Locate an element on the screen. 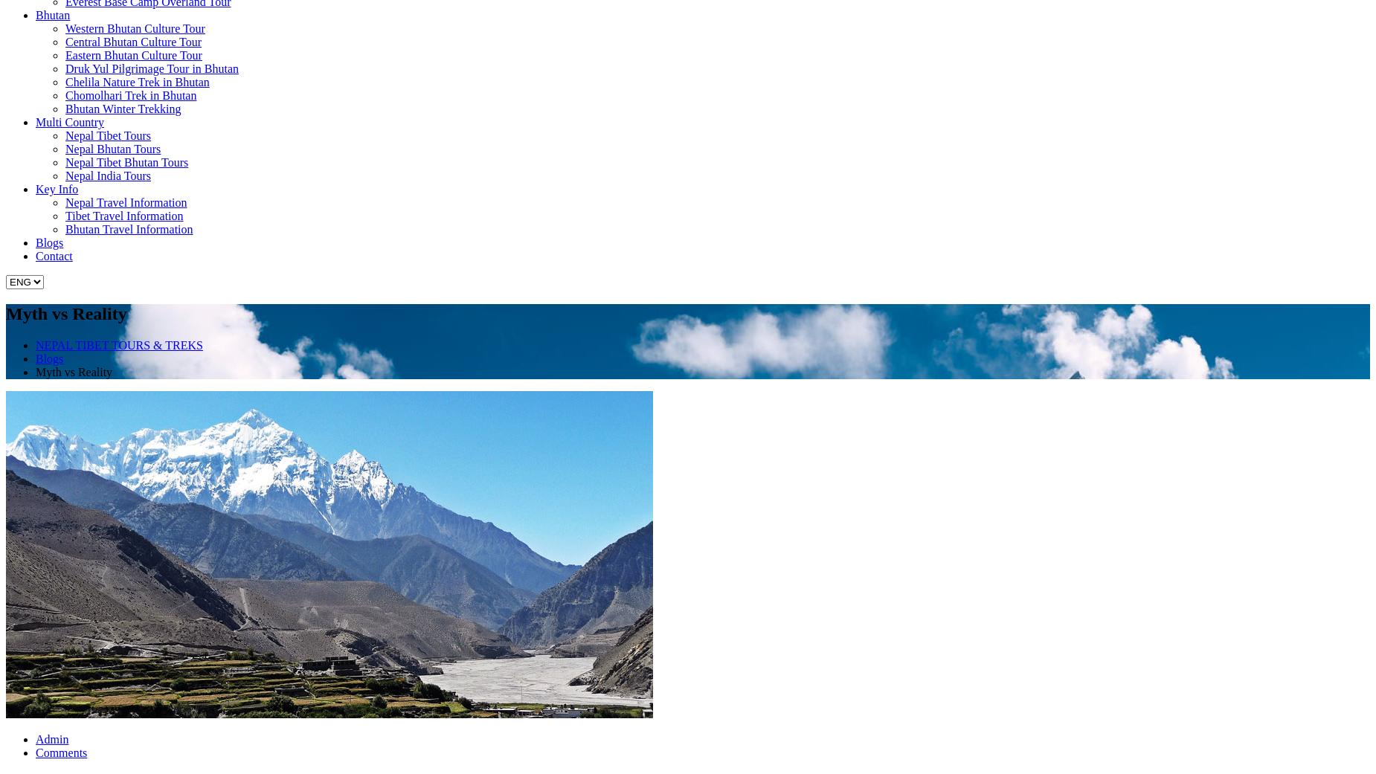  'Bhutan' is located at coordinates (52, 14).